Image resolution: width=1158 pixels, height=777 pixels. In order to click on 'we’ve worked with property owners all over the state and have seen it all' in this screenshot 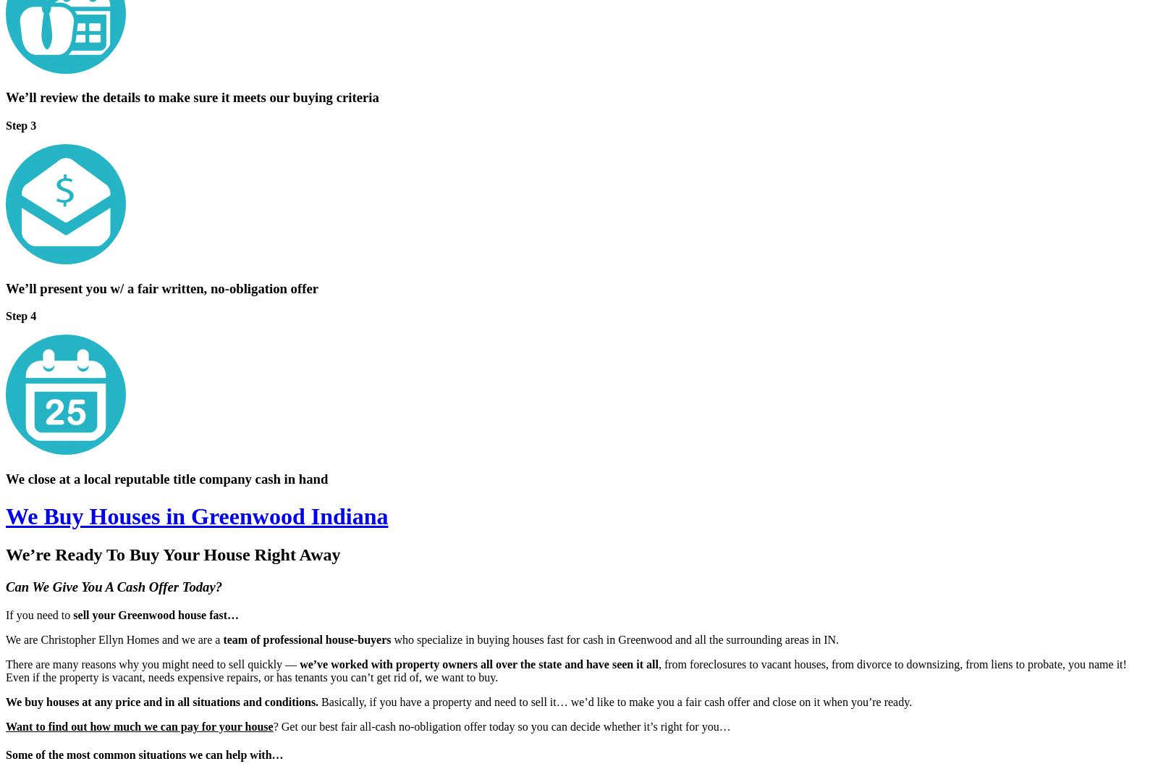, I will do `click(477, 663)`.